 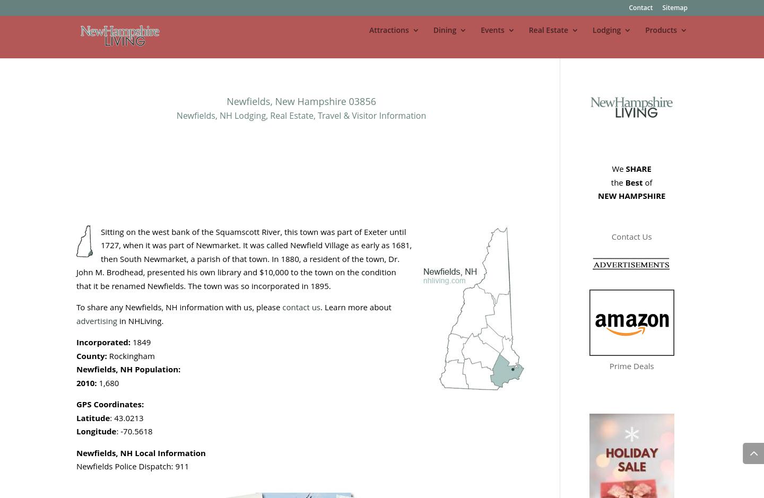 What do you see at coordinates (554, 379) in the screenshot?
I see `'Cross-Country Skiing'` at bounding box center [554, 379].